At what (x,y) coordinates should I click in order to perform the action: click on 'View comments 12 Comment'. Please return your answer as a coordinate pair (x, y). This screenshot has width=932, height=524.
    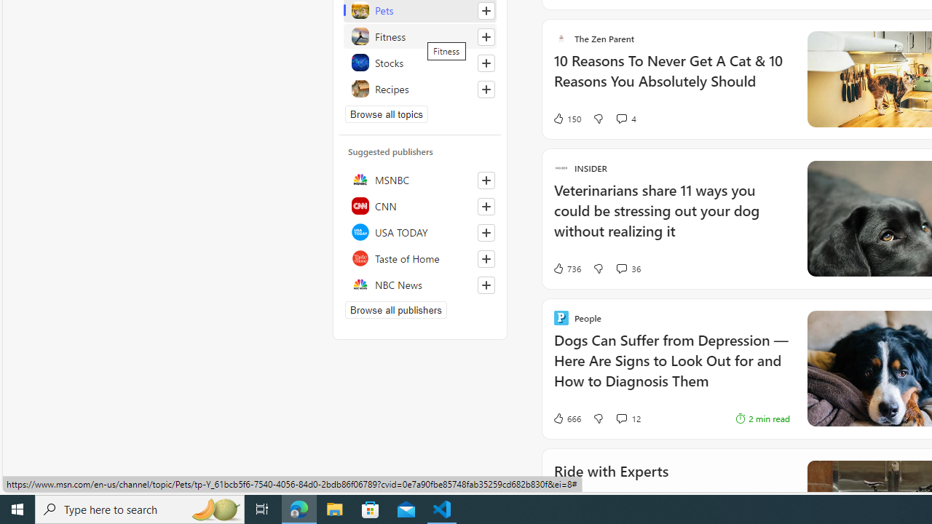
    Looking at the image, I should click on (621, 418).